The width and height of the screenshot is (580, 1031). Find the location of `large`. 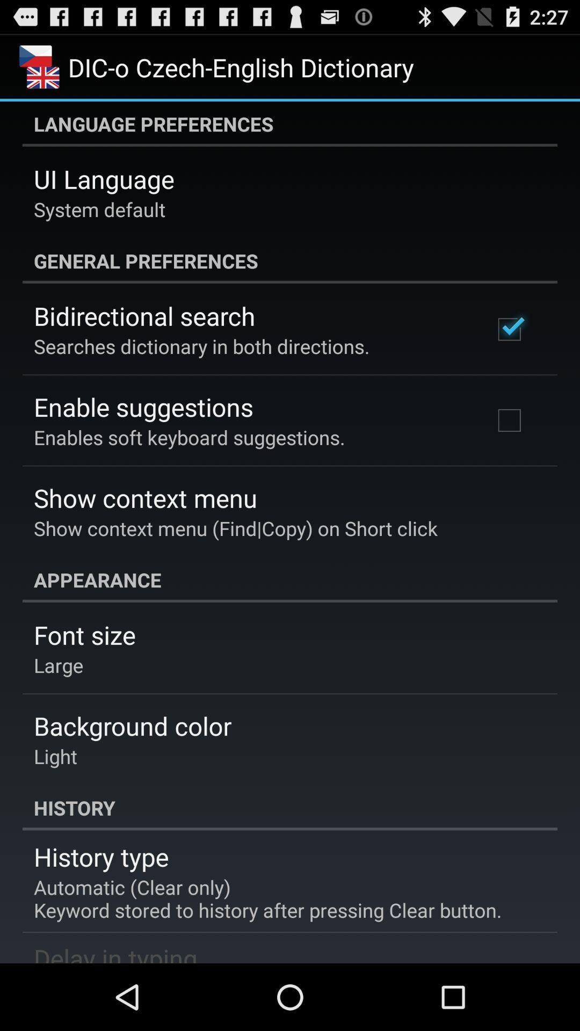

large is located at coordinates (59, 664).